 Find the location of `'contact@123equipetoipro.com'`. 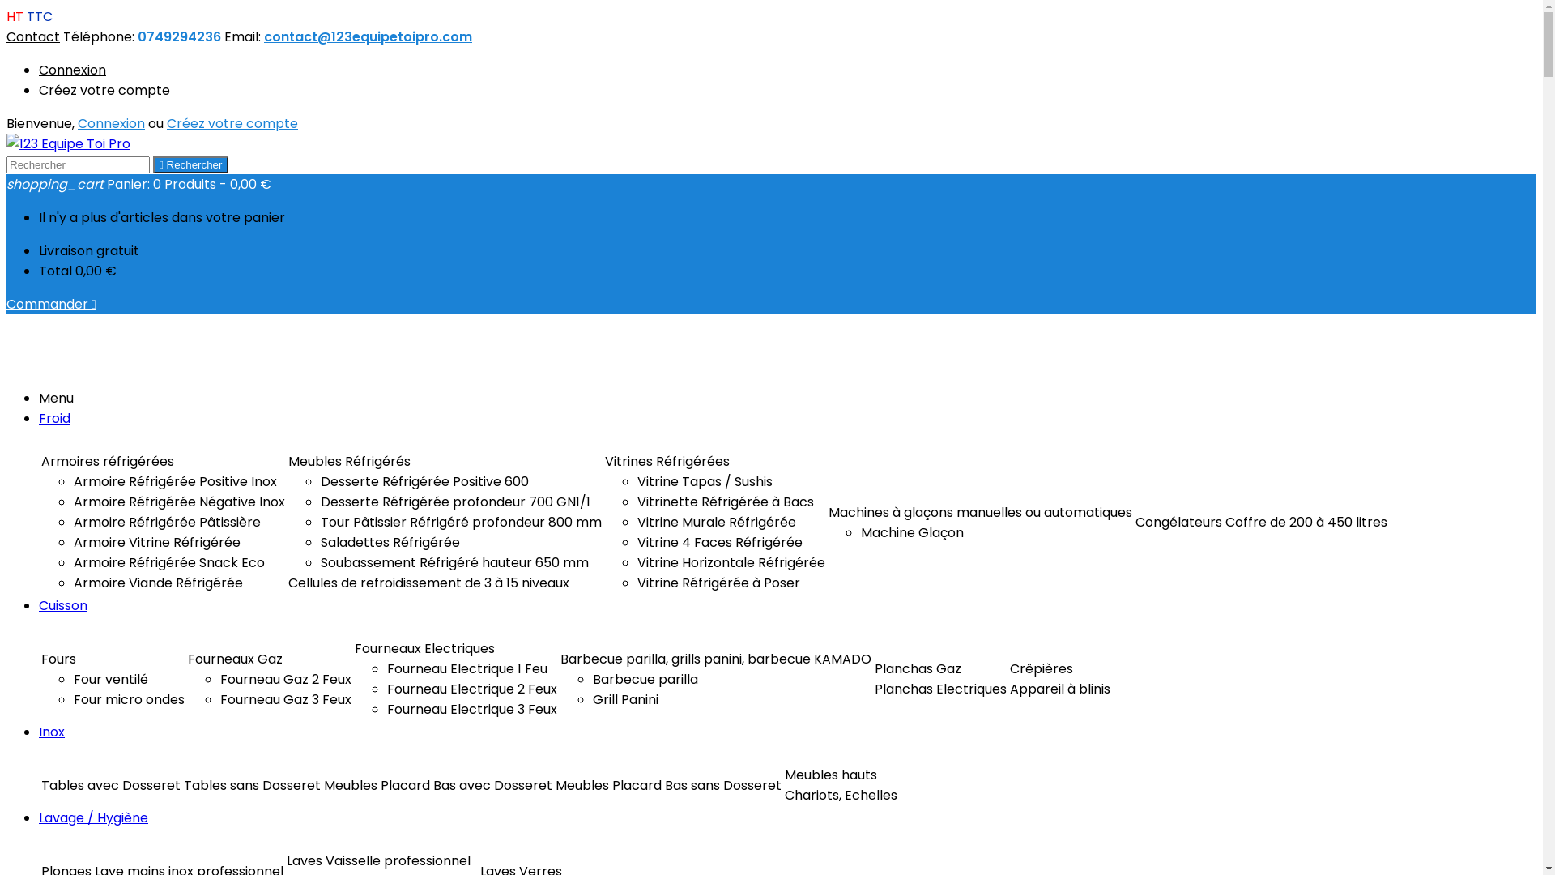

'contact@123equipetoipro.com' is located at coordinates (264, 36).